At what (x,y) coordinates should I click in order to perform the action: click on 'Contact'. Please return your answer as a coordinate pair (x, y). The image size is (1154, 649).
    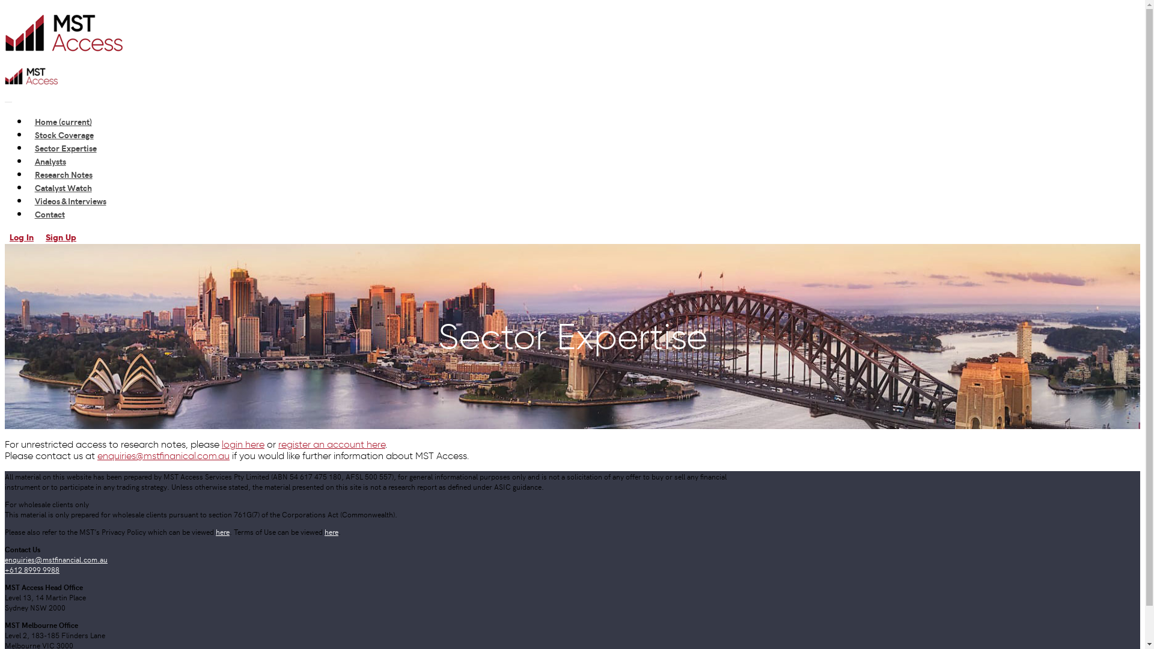
    Looking at the image, I should click on (49, 213).